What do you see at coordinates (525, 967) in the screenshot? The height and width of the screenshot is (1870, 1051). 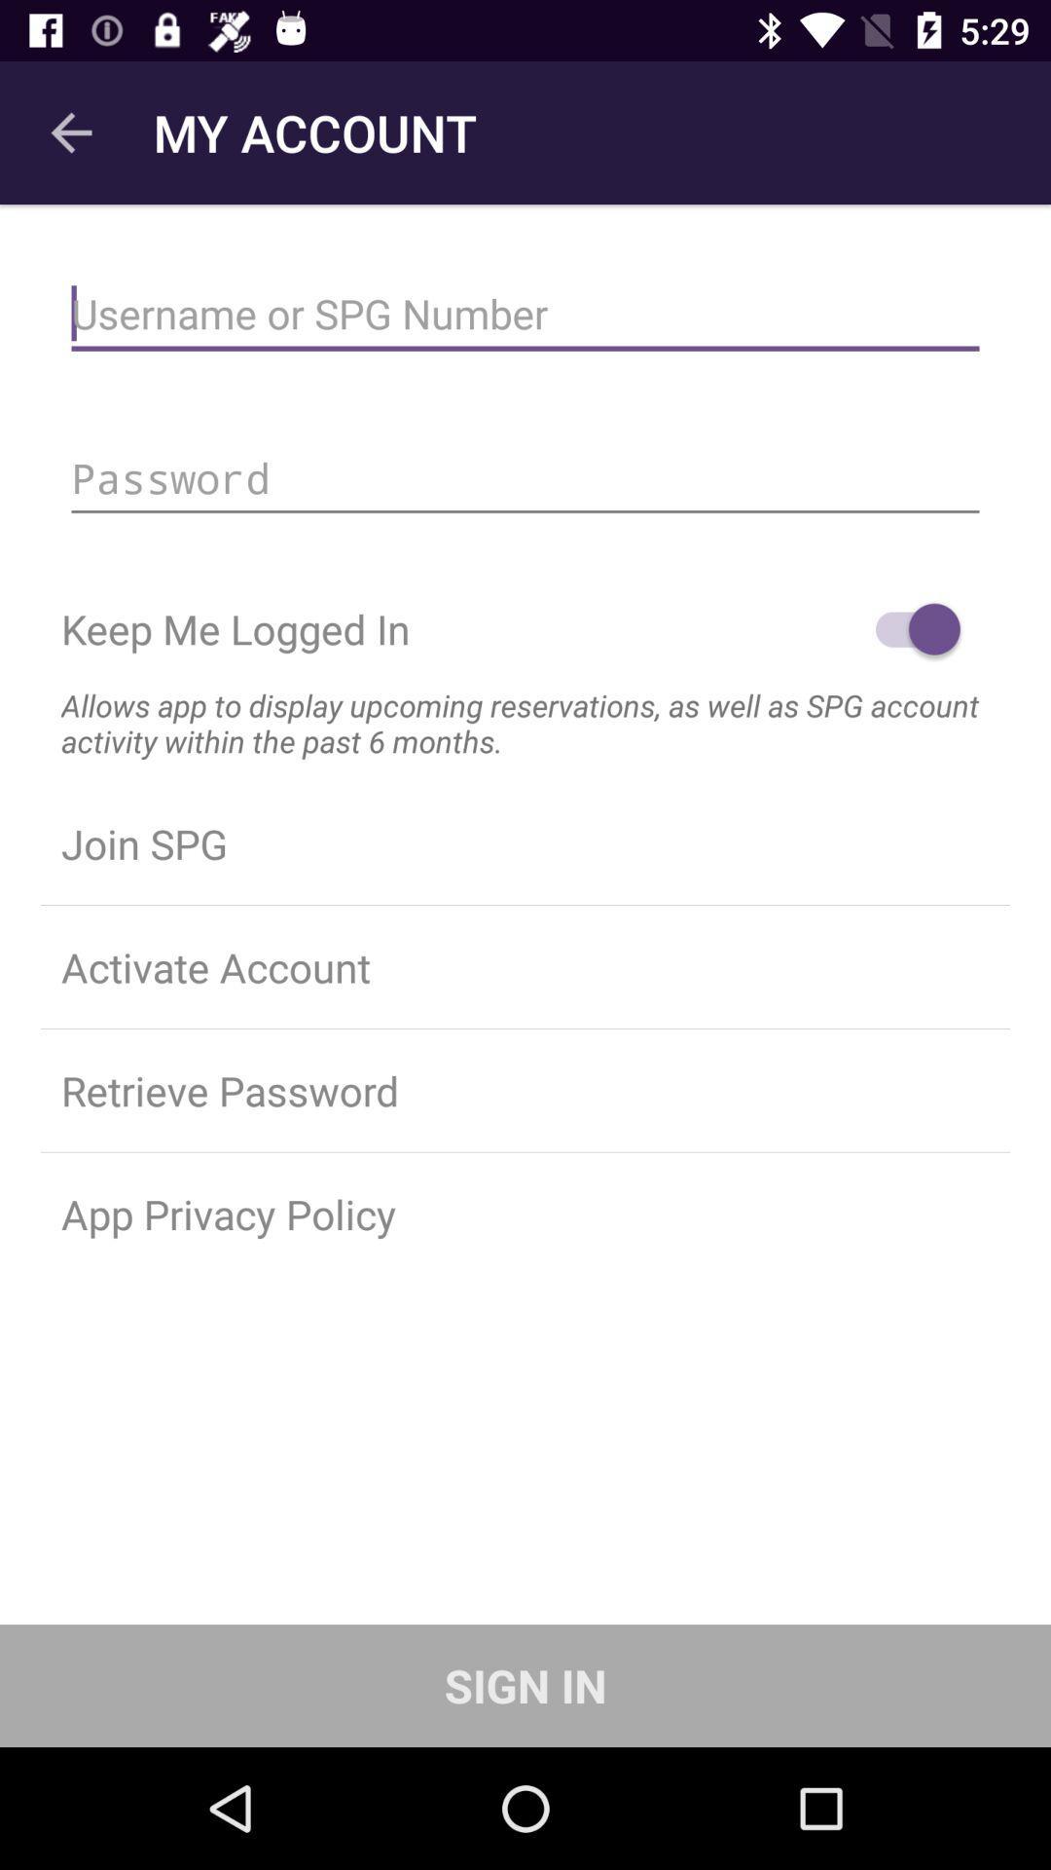 I see `the activate account icon` at bounding box center [525, 967].